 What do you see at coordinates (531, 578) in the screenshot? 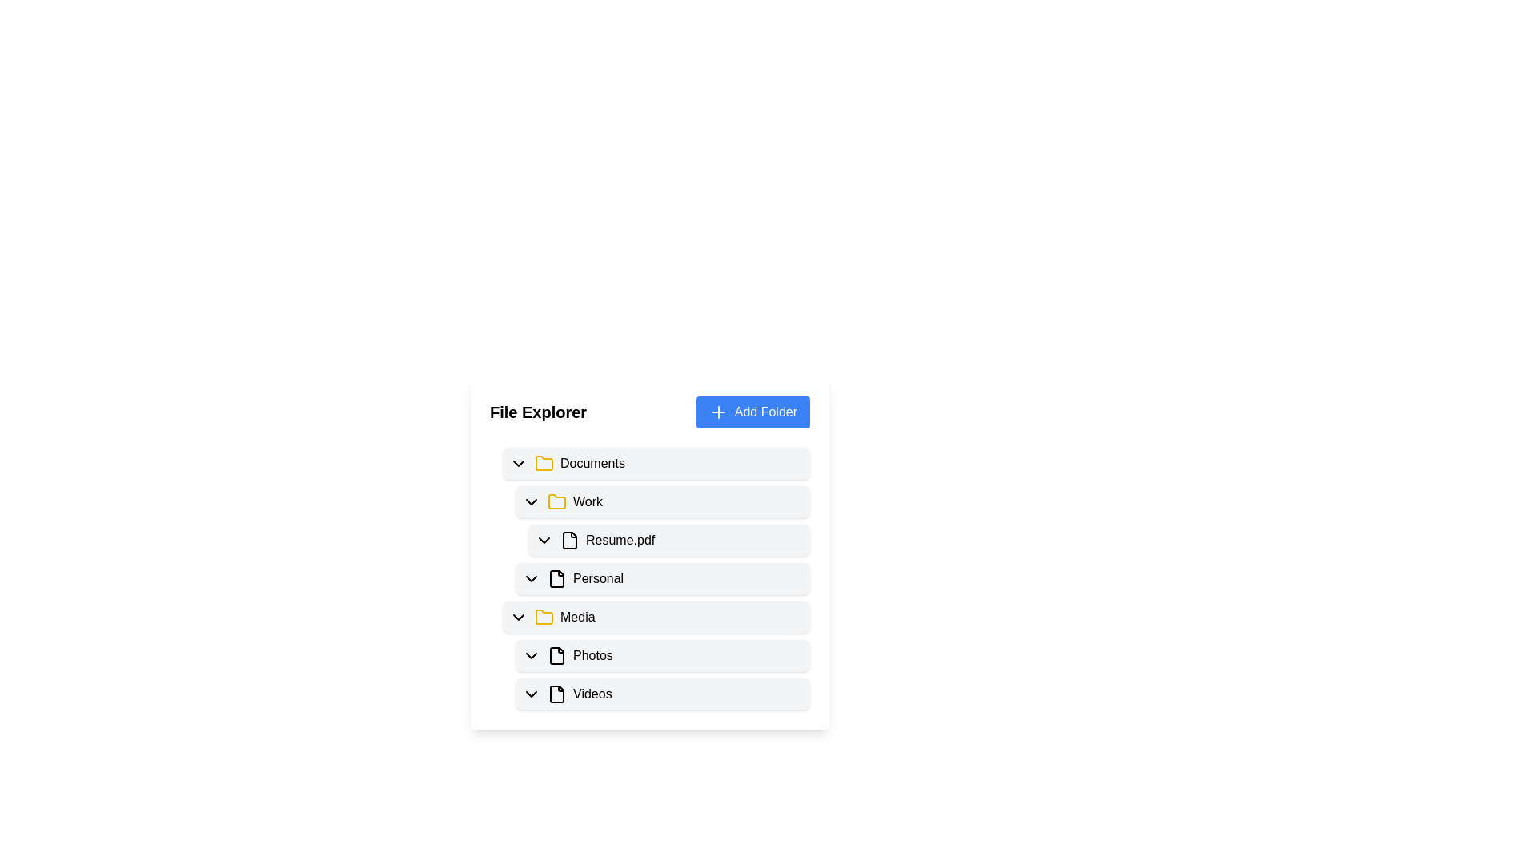
I see `the downward-pointing chevron icon` at bounding box center [531, 578].